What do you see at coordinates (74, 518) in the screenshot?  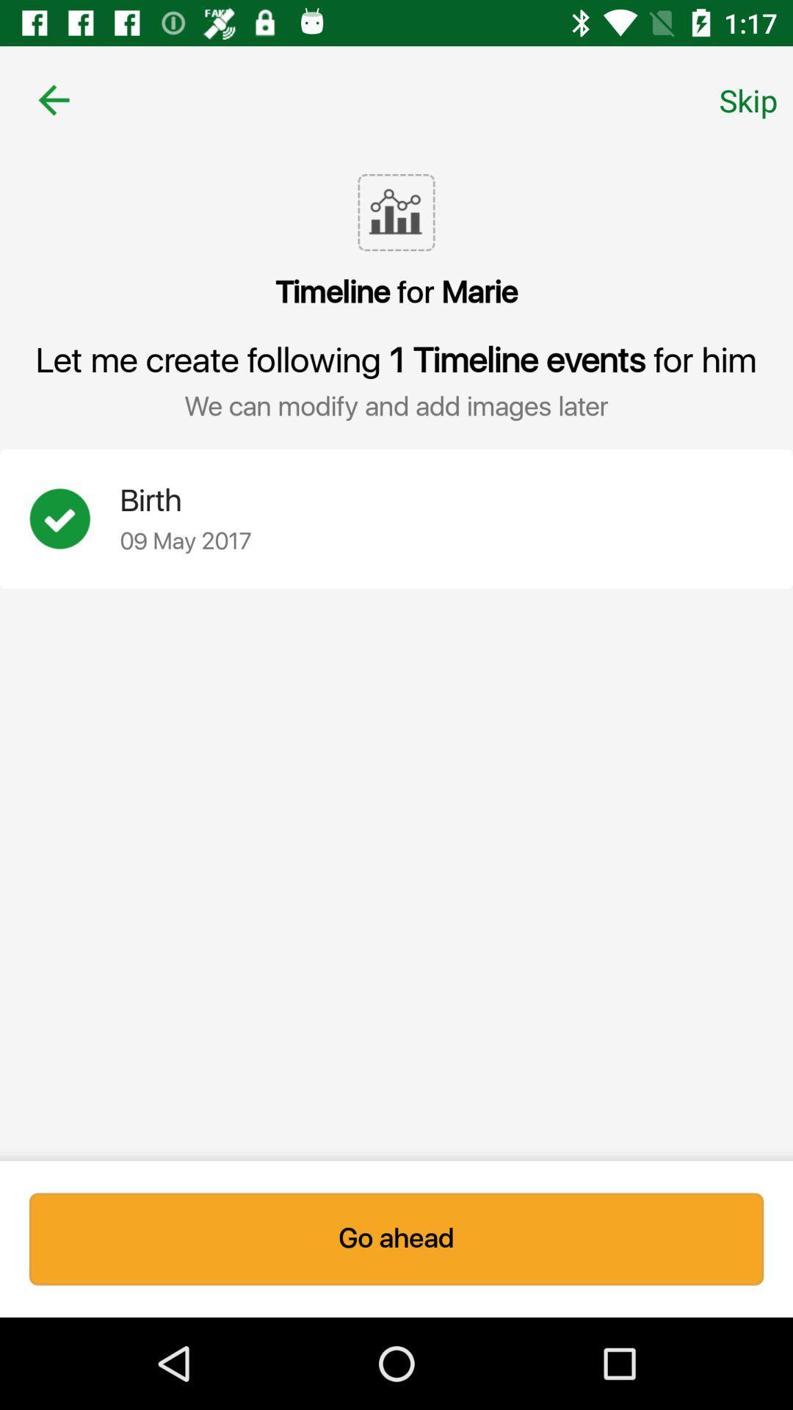 I see `the item above the go ahead icon` at bounding box center [74, 518].